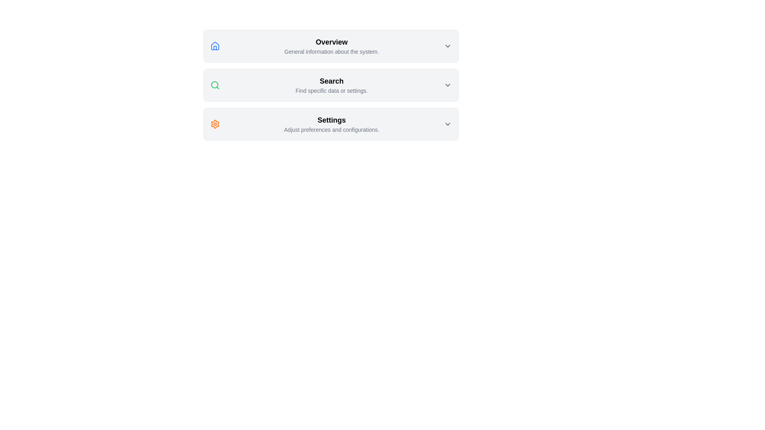 The image size is (765, 430). What do you see at coordinates (331, 124) in the screenshot?
I see `the 'Settings' collapsible panel header, which features an orange gear icon on the left and a gray downward chevron icon on the right` at bounding box center [331, 124].